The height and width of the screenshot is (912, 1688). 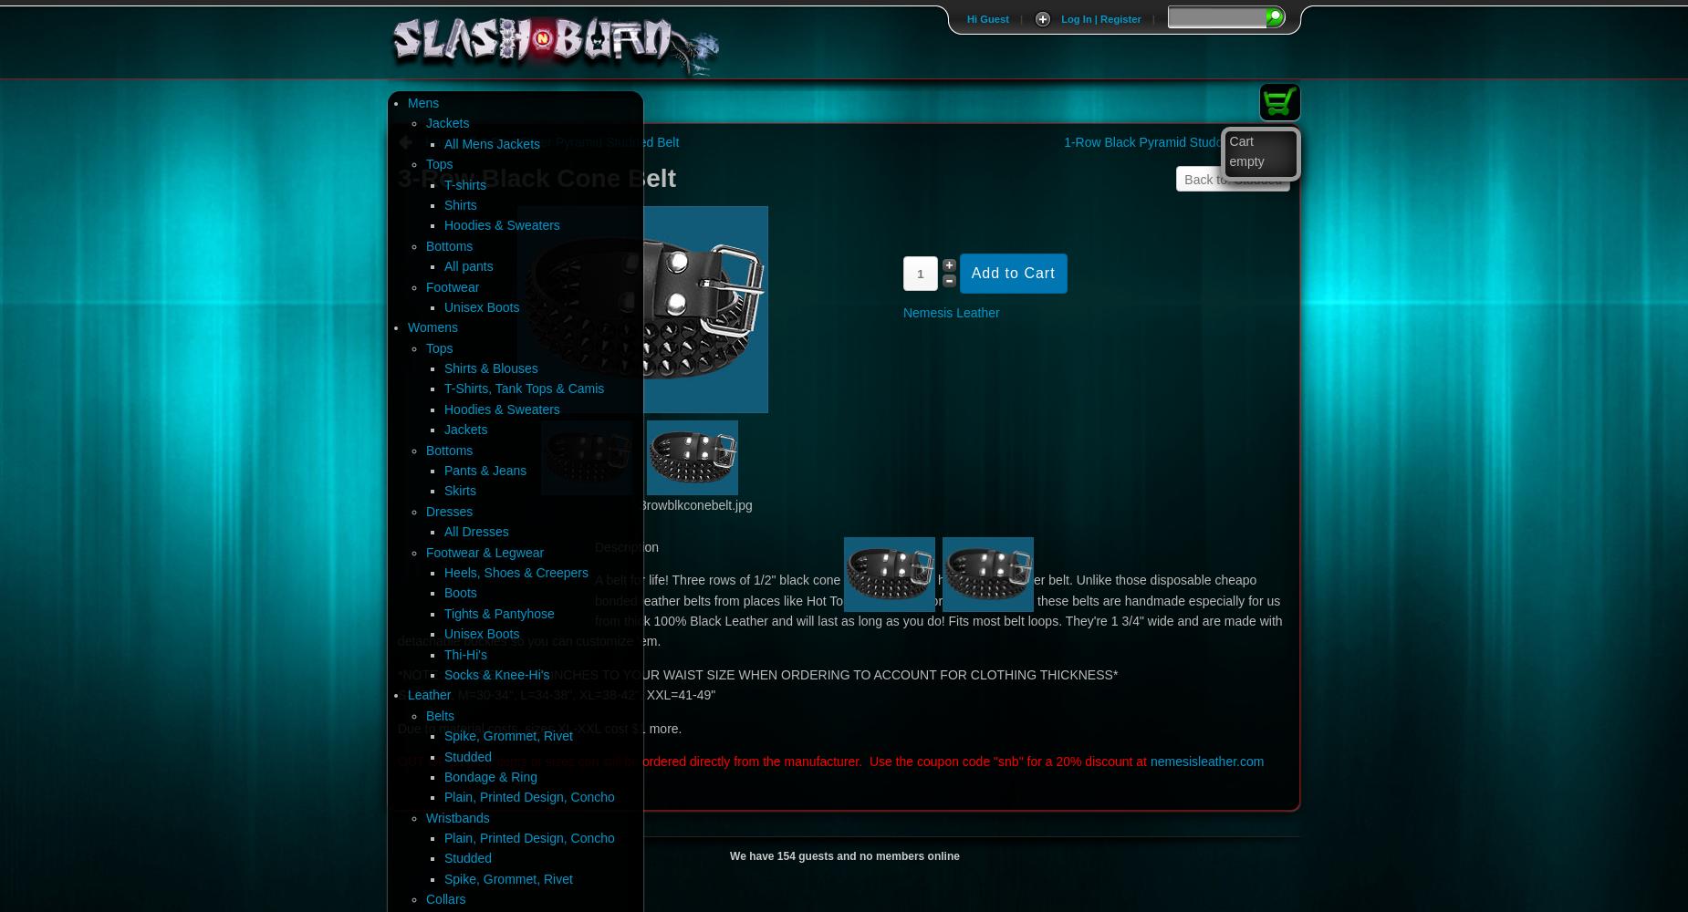 What do you see at coordinates (556, 695) in the screenshot?
I see `'S=27-32", M=30-34", L=34-38", XL=38-42", XXL=41-49"'` at bounding box center [556, 695].